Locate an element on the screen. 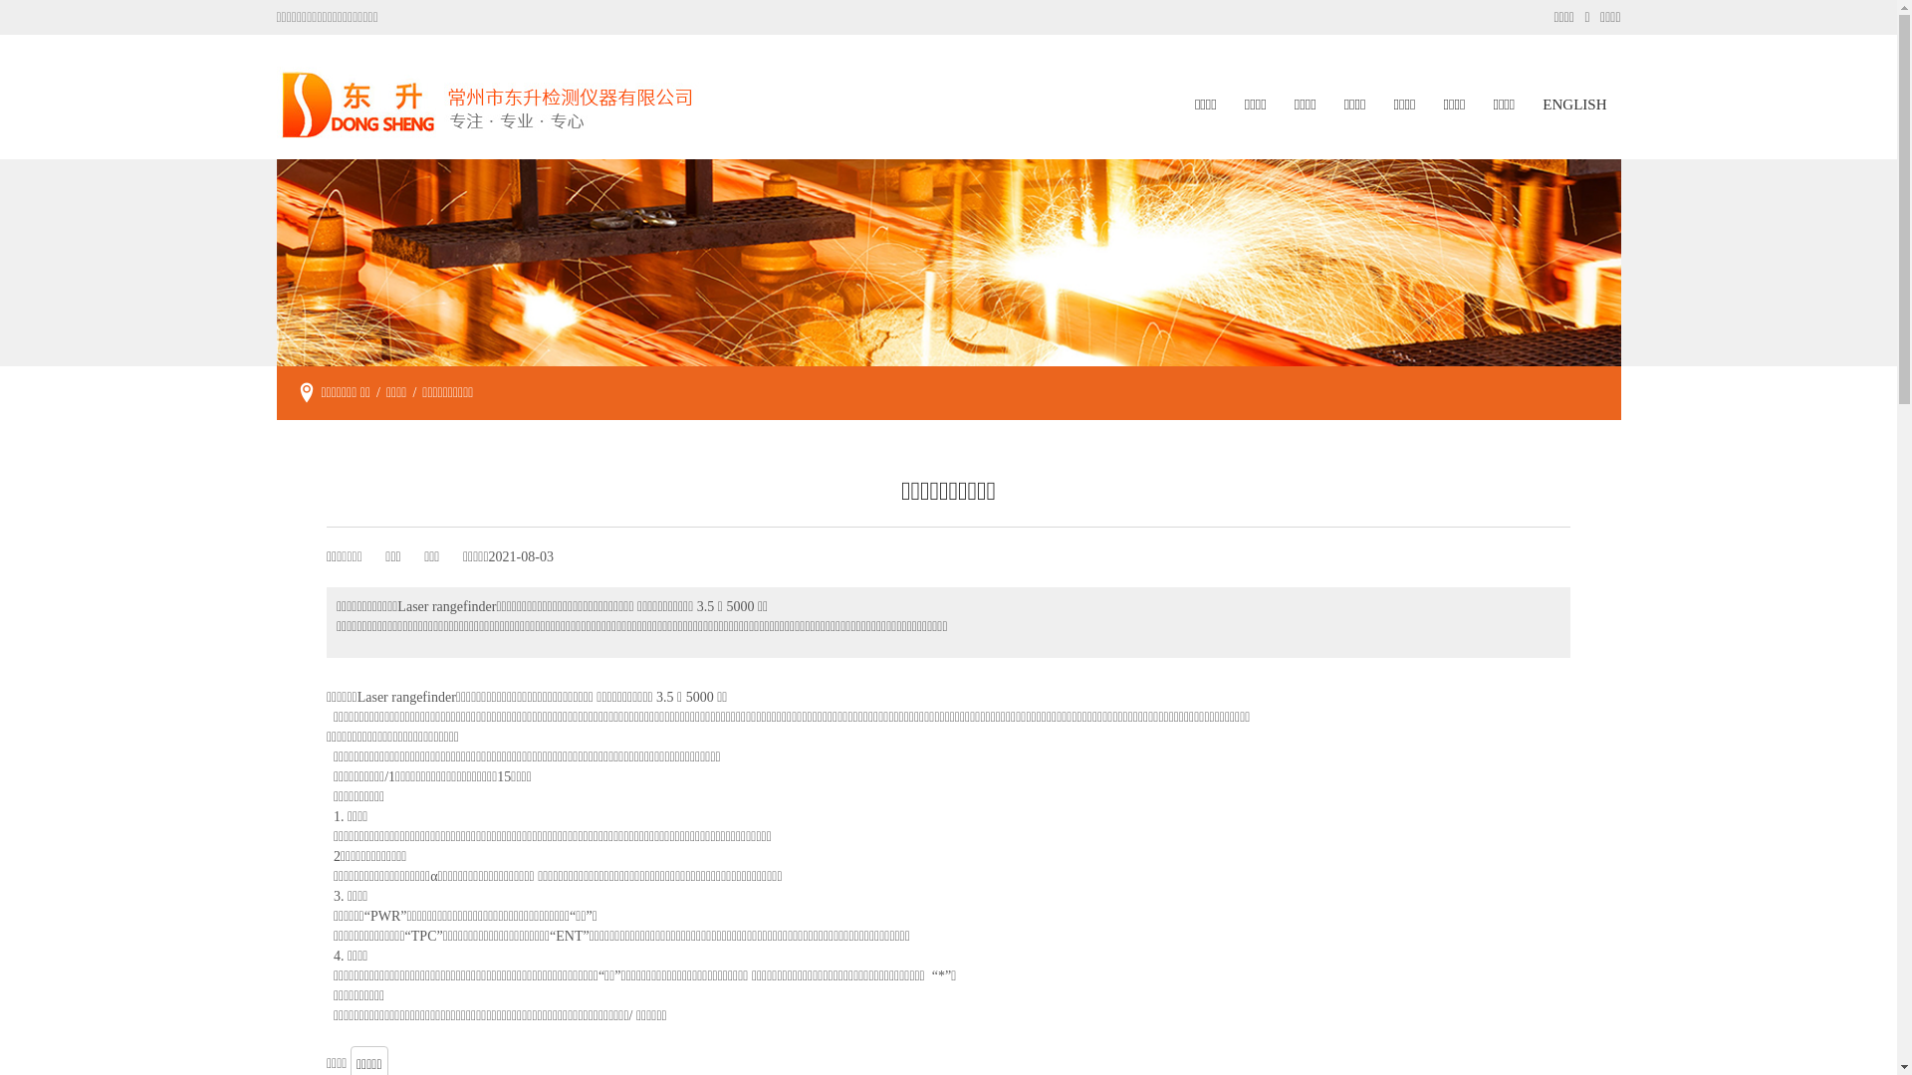 Image resolution: width=1912 pixels, height=1075 pixels. 'logo' is located at coordinates (488, 105).